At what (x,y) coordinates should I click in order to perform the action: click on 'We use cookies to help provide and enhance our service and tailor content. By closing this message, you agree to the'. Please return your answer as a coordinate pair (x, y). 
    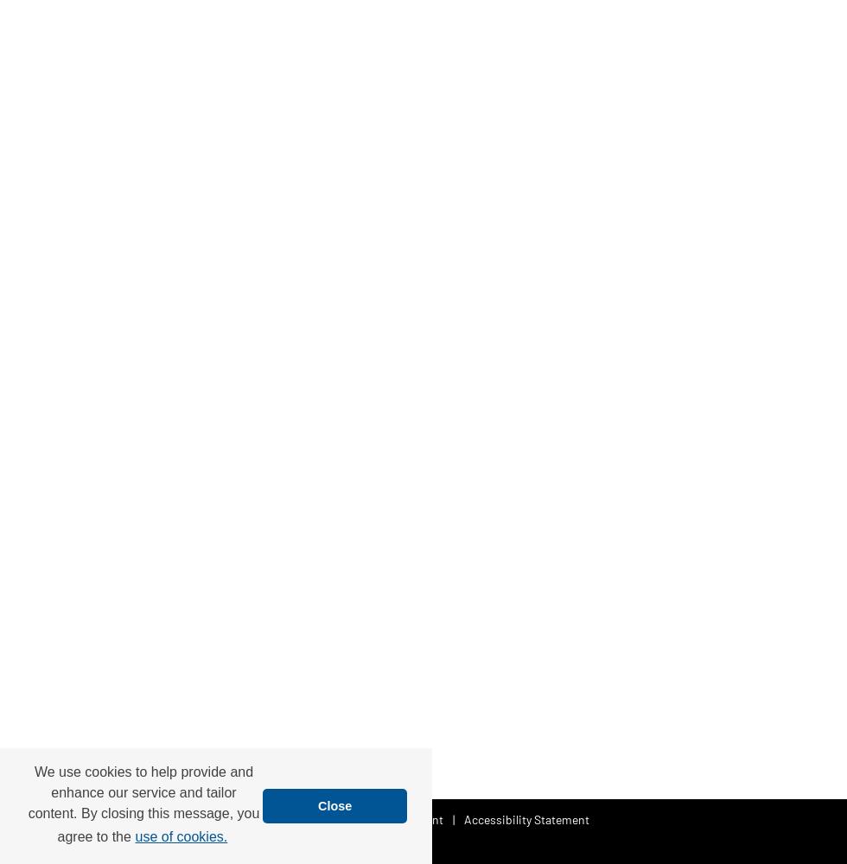
    Looking at the image, I should click on (143, 804).